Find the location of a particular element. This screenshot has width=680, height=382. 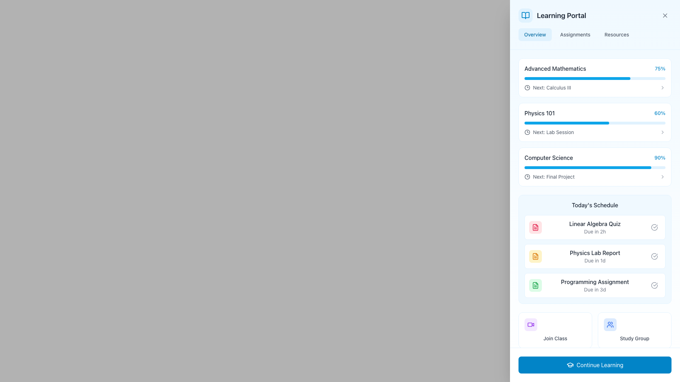

the SVG circle graphic that signifies the outline of a clock, which is part of the icon representing time-related information next to the 'Next: Lab Session' text under the Physics 101 section is located at coordinates (527, 87).